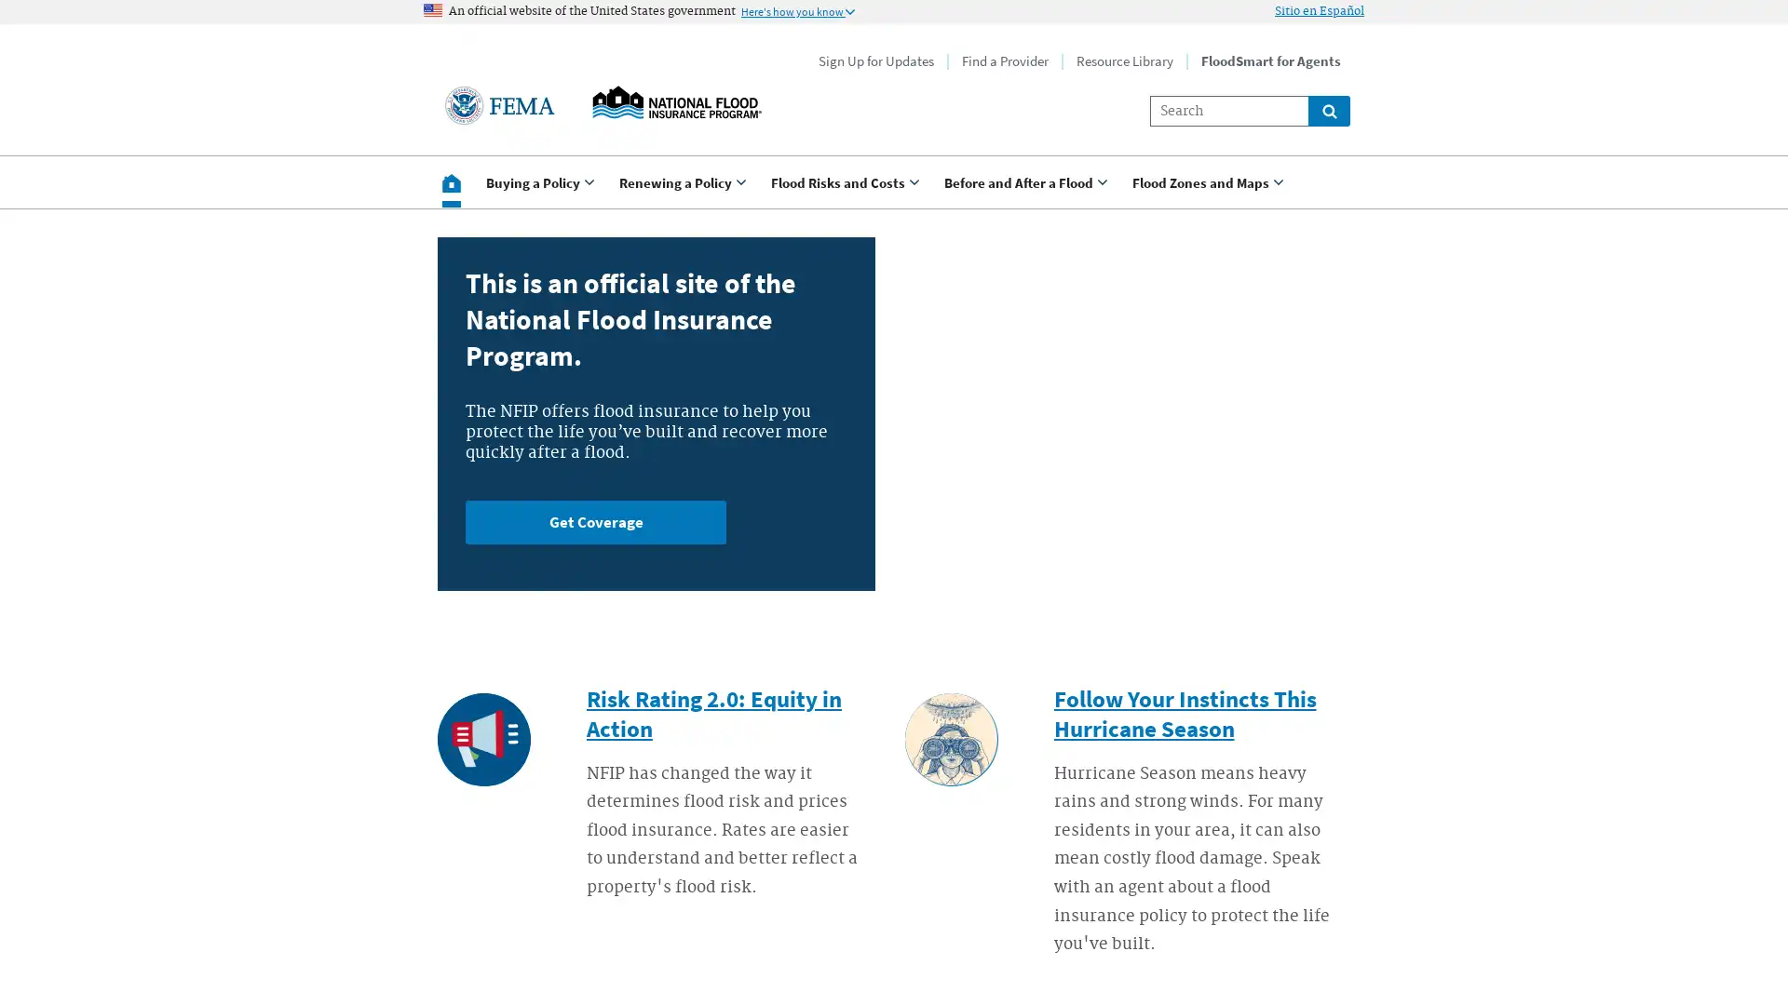 The image size is (1788, 1005). I want to click on Information to identify secure official US Government websites, so click(798, 10).